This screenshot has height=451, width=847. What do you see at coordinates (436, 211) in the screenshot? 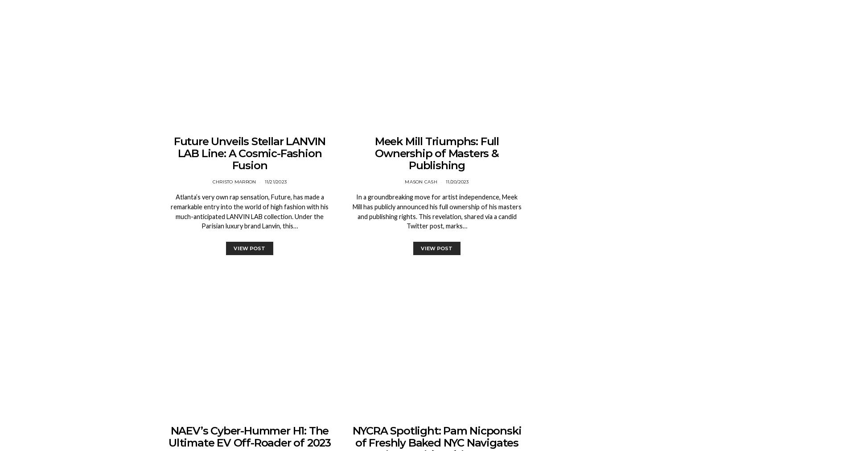
I see `'In a groundbreaking move for artist independence, Meek Mill has publicly announced his full ownership of his masters and publishing rights. This revelation, shared via a candid Twitter post, marks…'` at bounding box center [436, 211].